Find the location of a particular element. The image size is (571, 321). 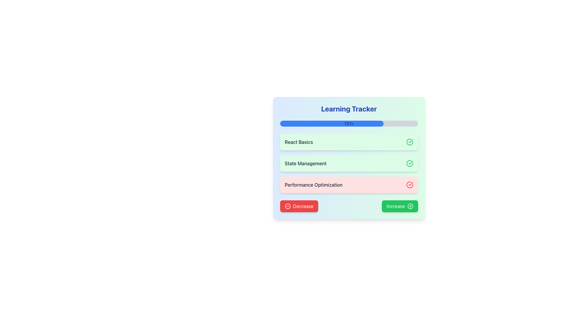

the status of the Labeled Section with bold text 'State Management' and a green checkmark icon, which is the second item in the Learning Tracker list is located at coordinates (349, 163).